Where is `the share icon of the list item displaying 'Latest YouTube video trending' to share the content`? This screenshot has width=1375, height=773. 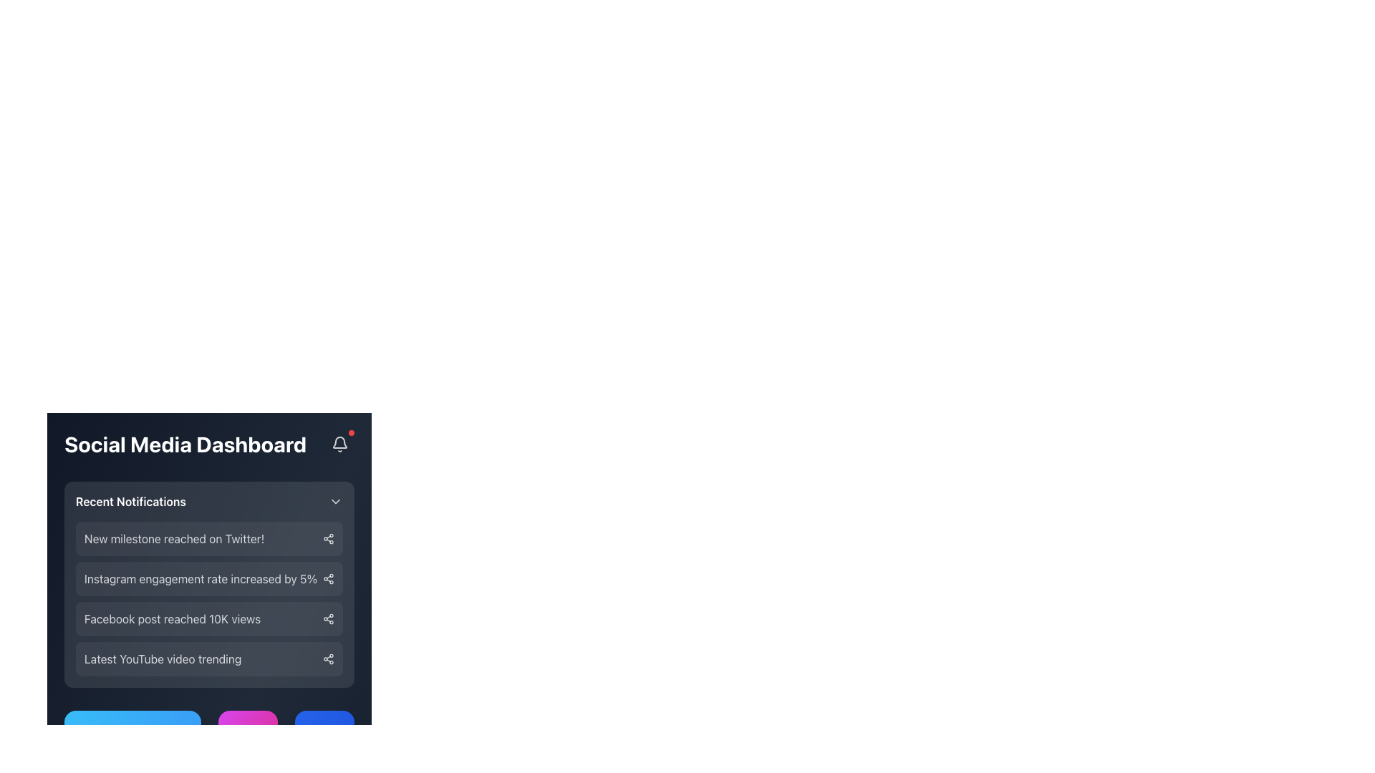 the share icon of the list item displaying 'Latest YouTube video trending' to share the content is located at coordinates (208, 659).